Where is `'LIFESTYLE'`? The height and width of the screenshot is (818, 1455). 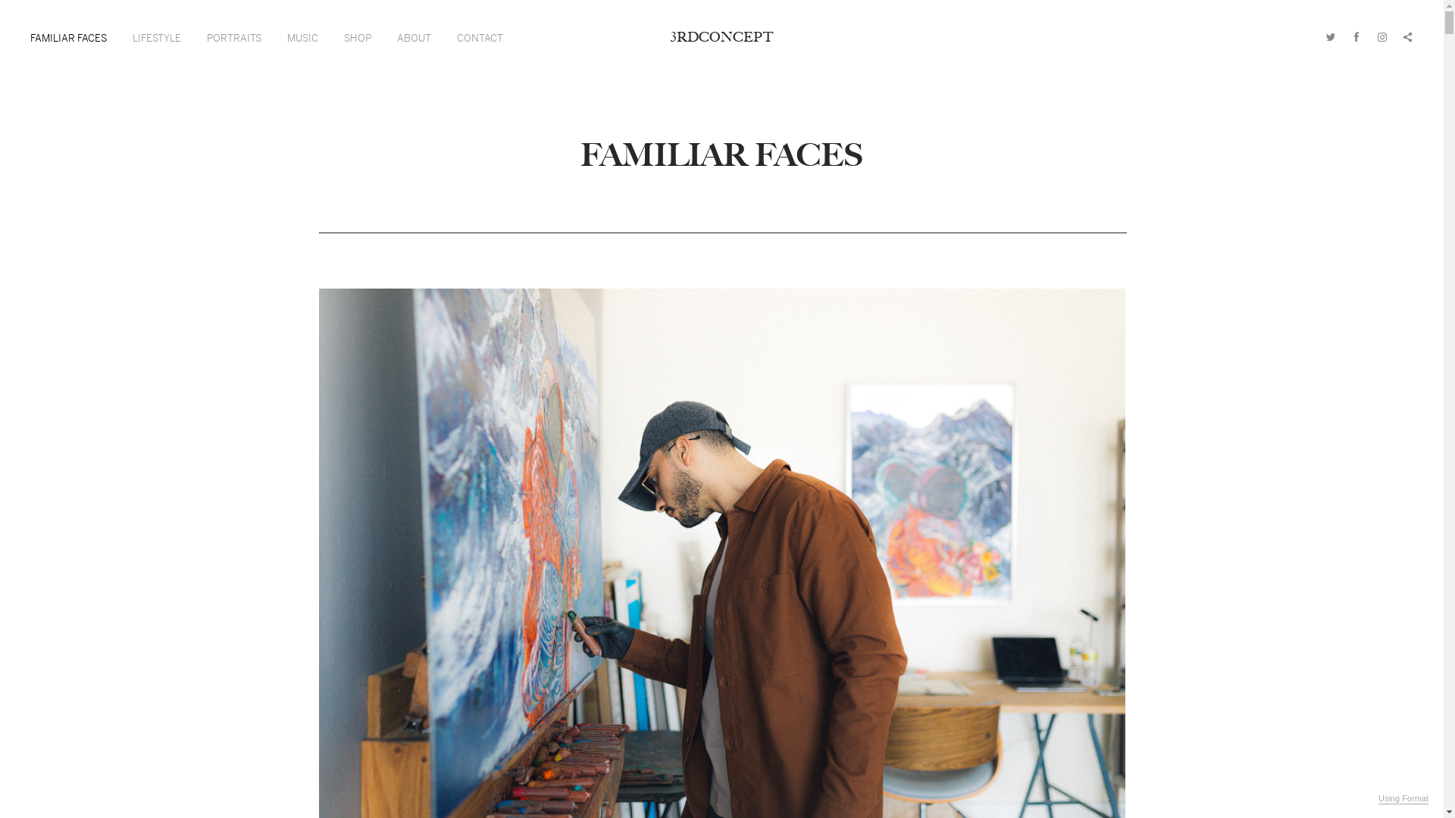
'LIFESTYLE' is located at coordinates (132, 37).